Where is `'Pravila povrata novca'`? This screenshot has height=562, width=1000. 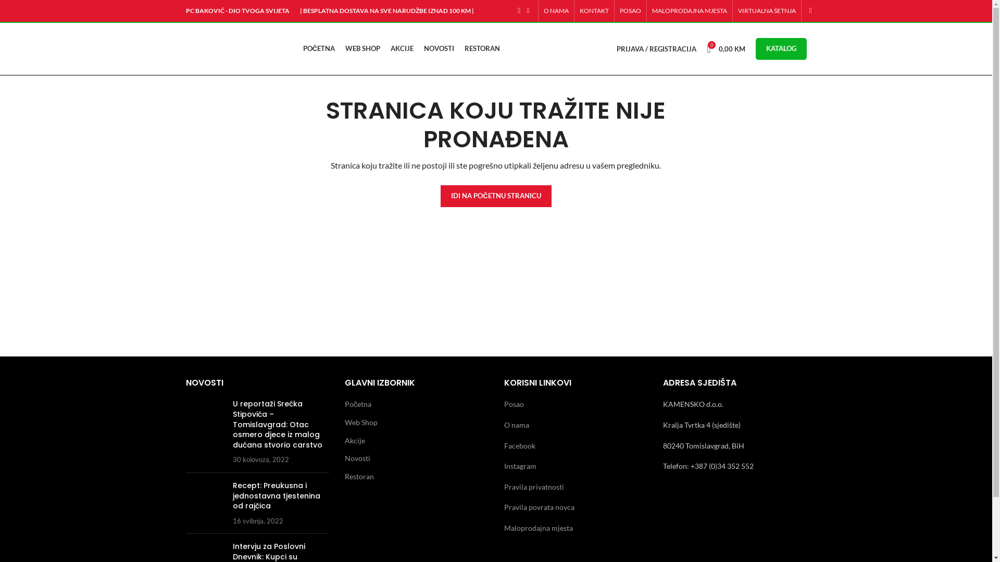
'Pravila povrata novca' is located at coordinates (539, 506).